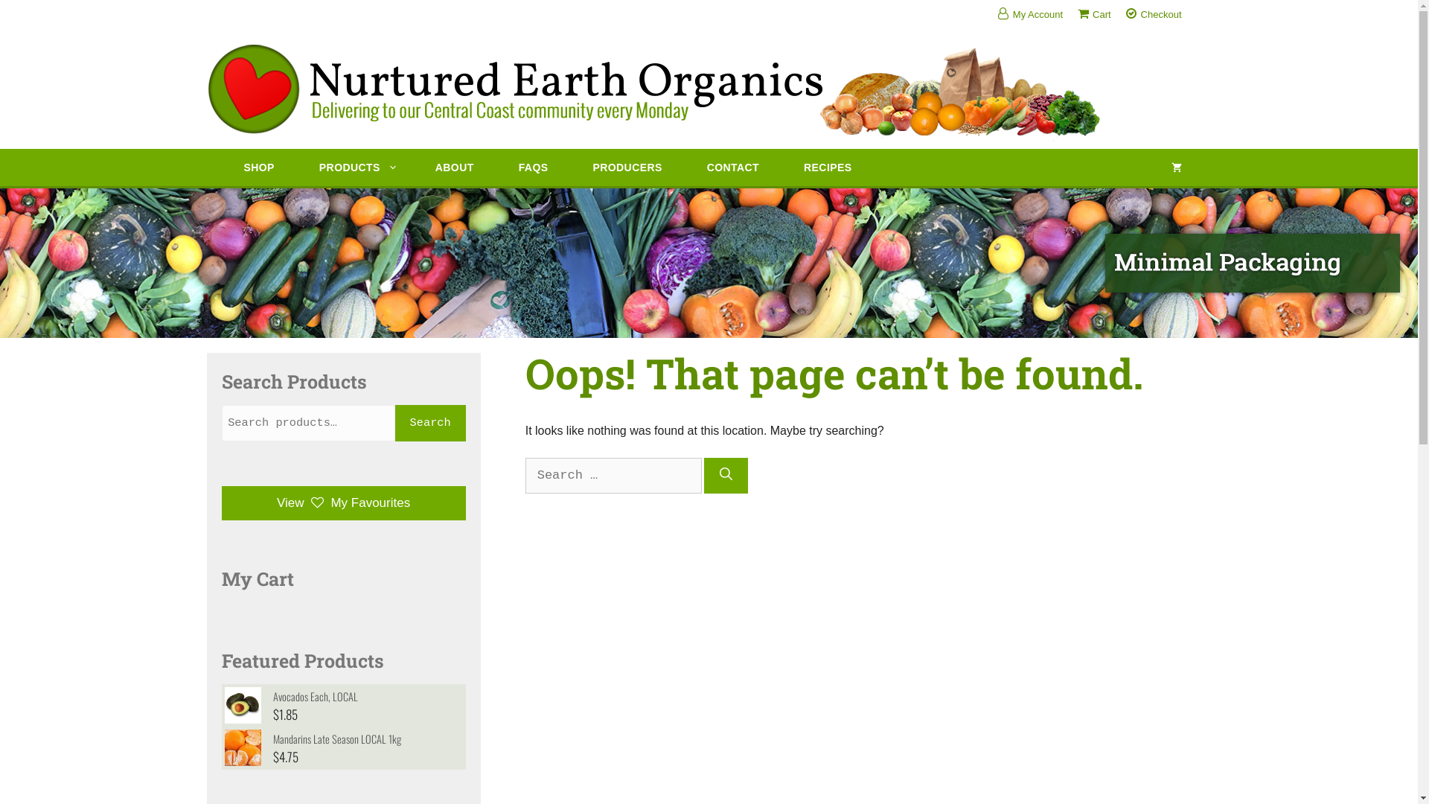 Image resolution: width=1429 pixels, height=804 pixels. I want to click on 'View your shopping cart', so click(1175, 167).